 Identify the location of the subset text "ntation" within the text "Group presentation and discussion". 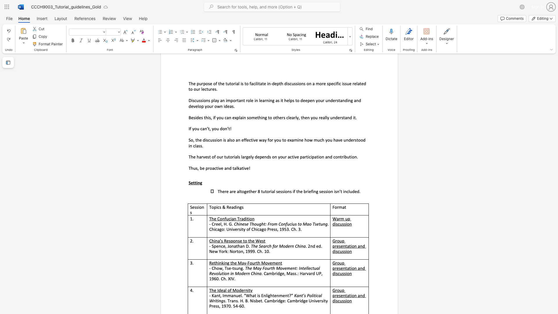
(343, 295).